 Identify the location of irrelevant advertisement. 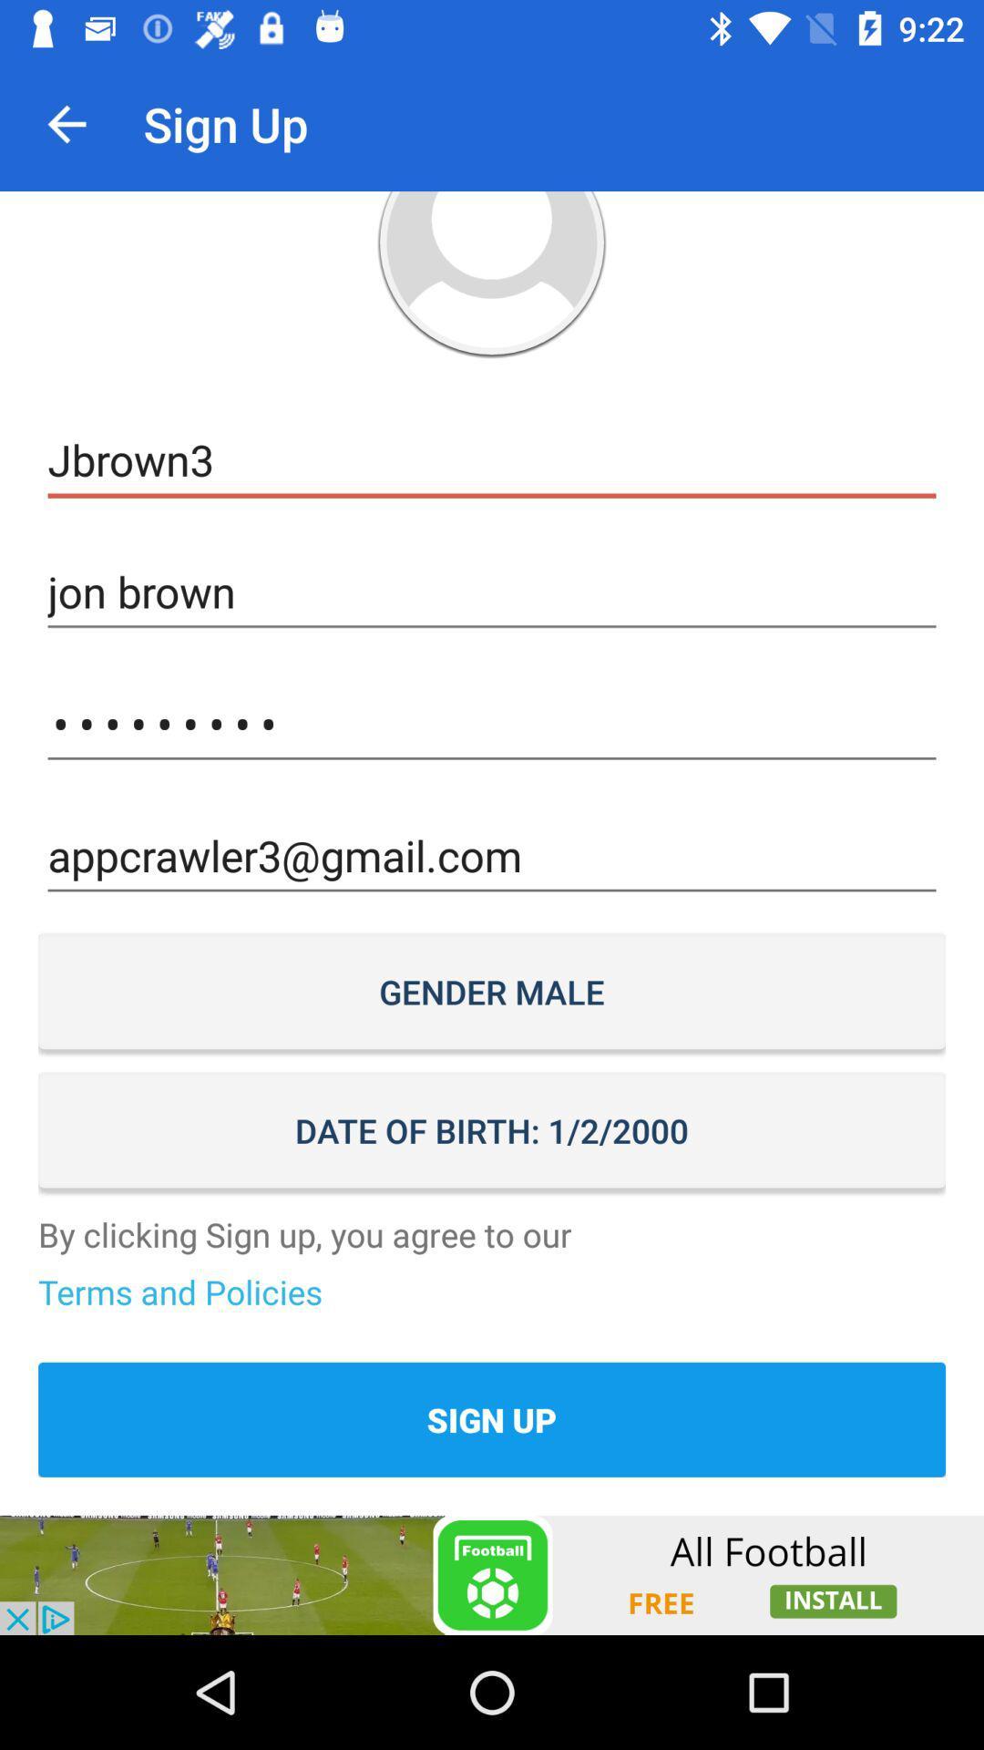
(492, 1574).